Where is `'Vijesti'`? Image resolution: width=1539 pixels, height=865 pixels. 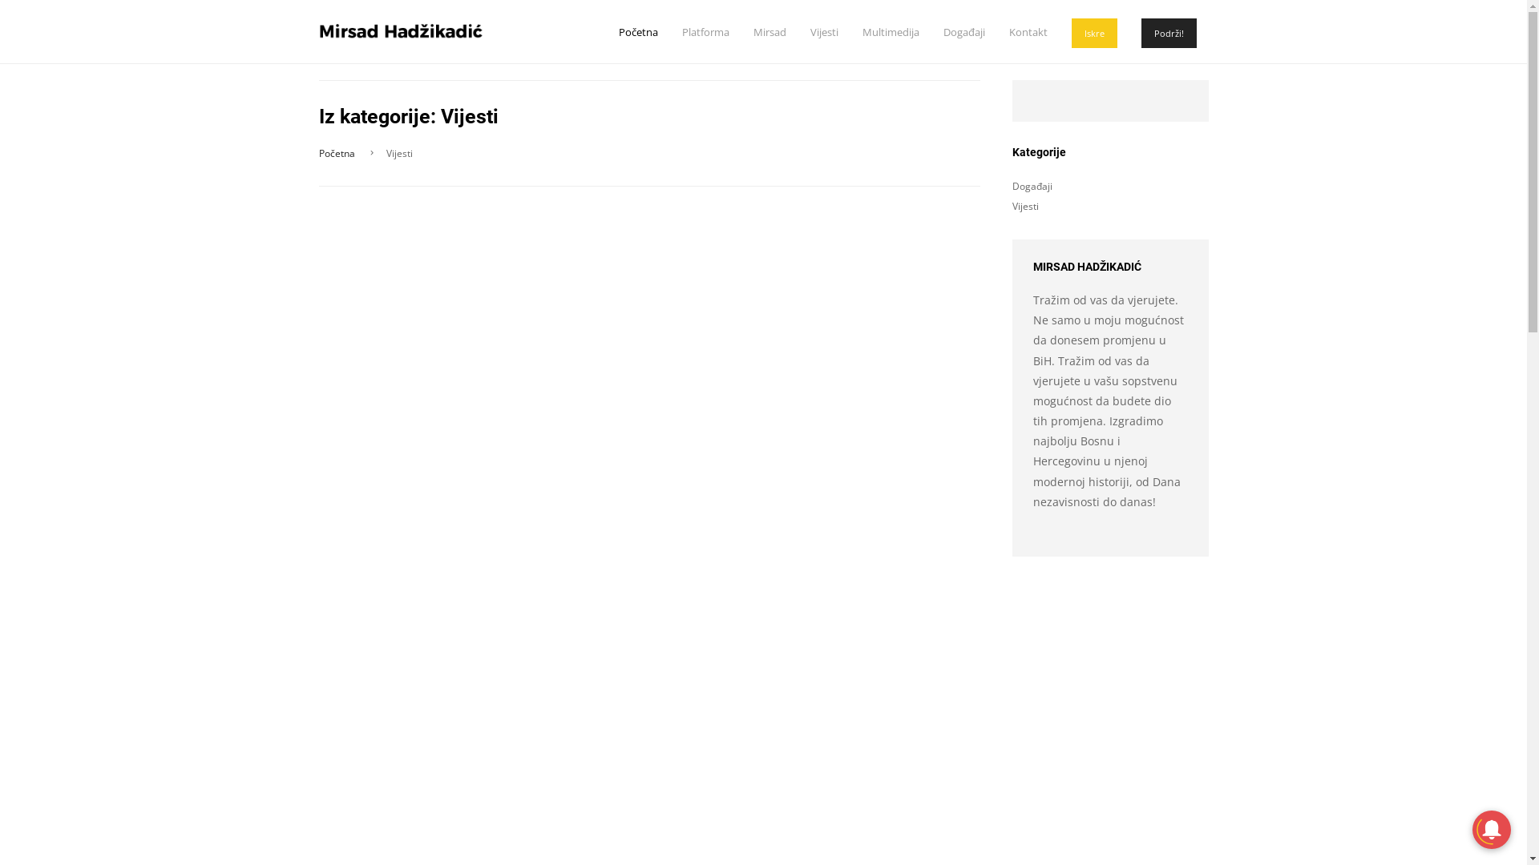
'Vijesti' is located at coordinates (809, 31).